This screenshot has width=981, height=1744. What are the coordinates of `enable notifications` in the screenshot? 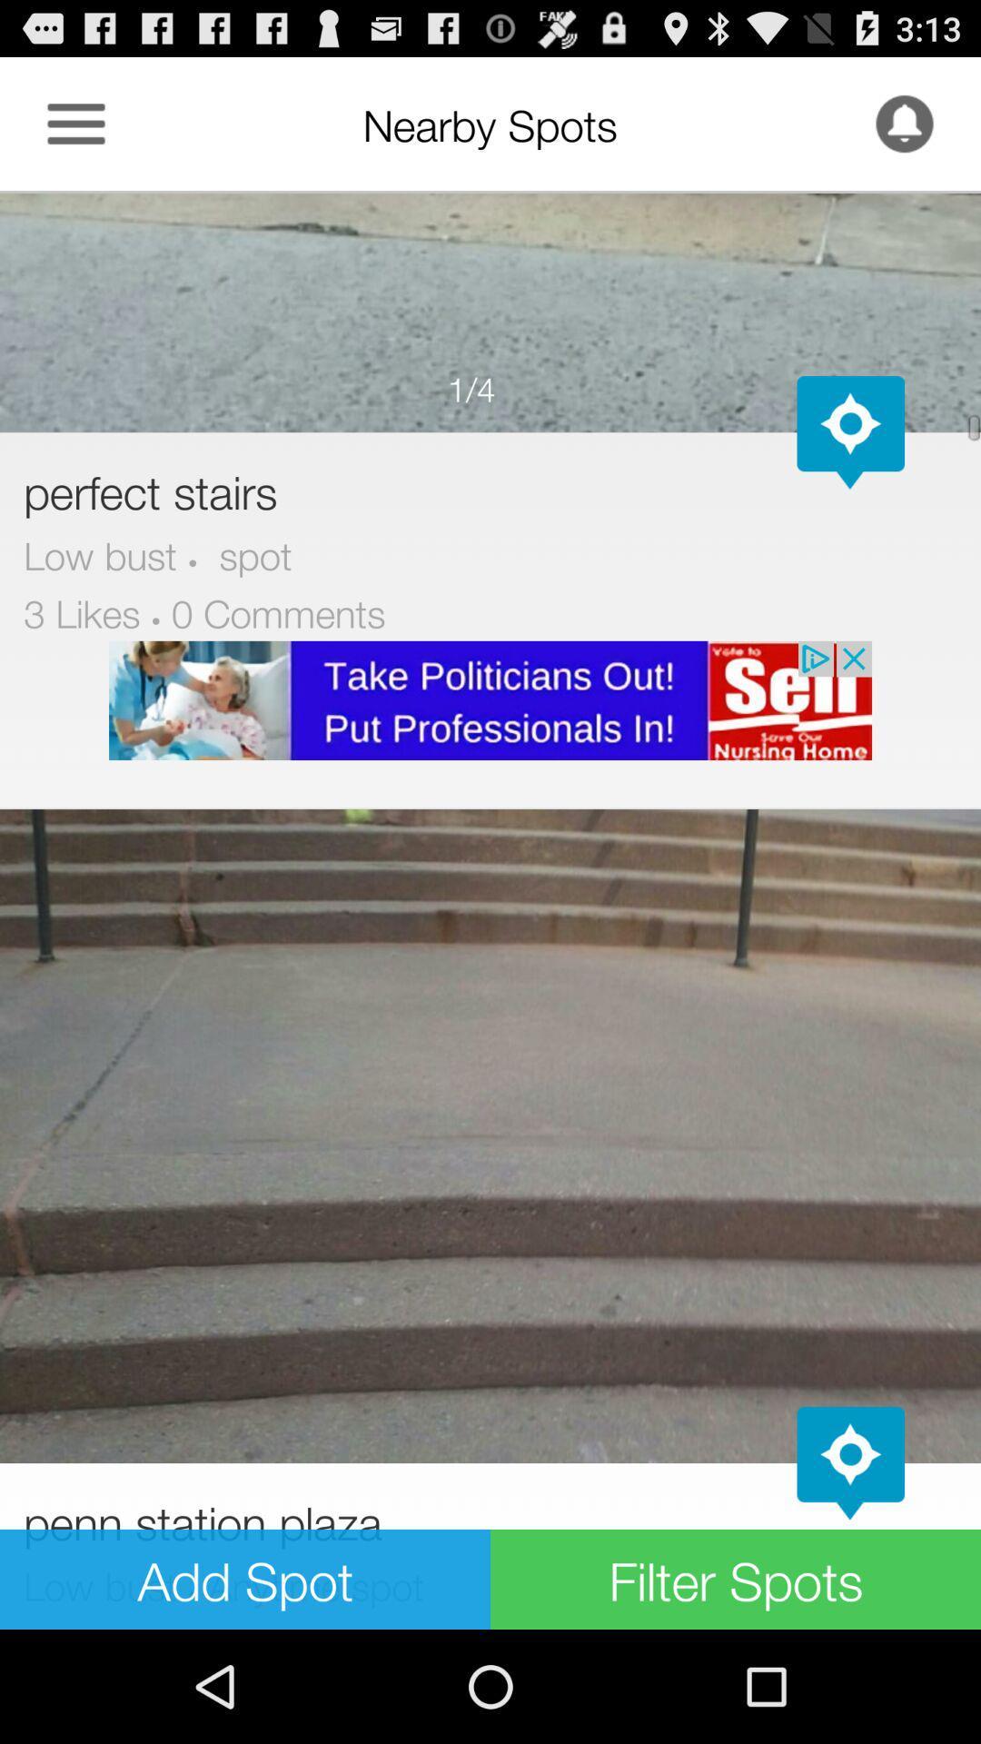 It's located at (904, 123).